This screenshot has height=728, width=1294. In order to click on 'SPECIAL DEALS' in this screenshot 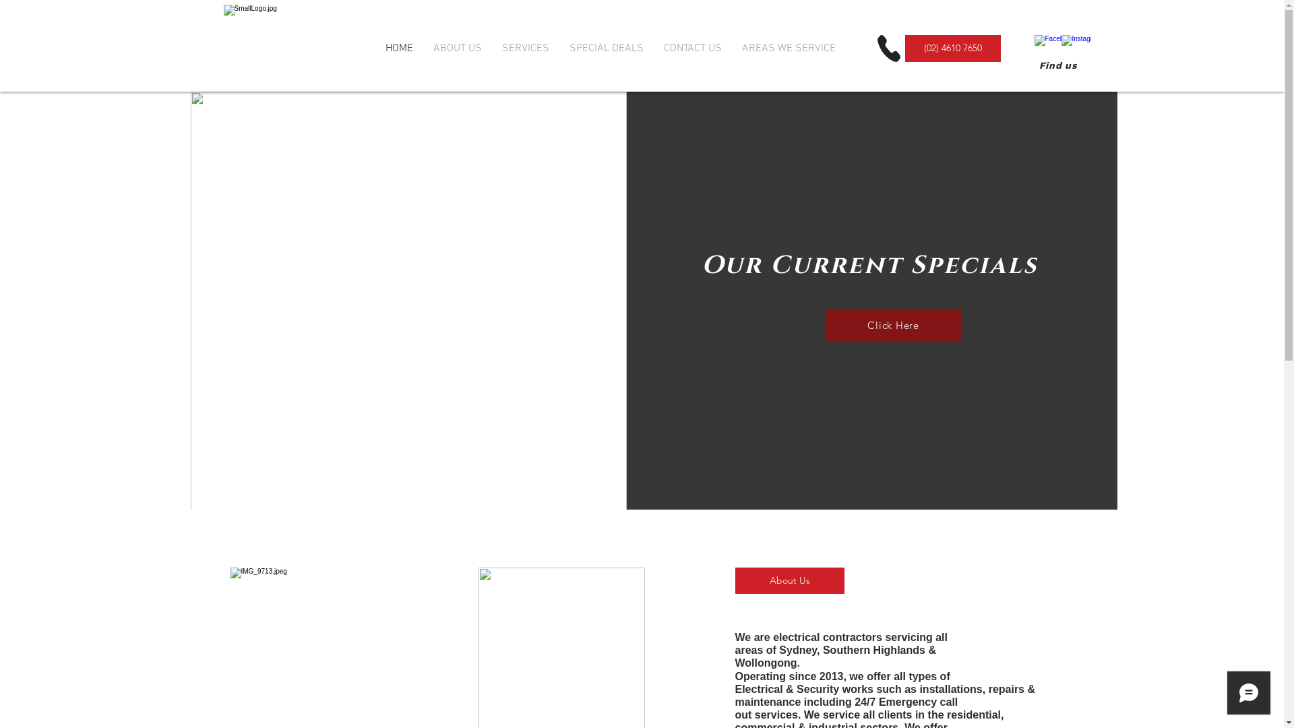, I will do `click(606, 48)`.